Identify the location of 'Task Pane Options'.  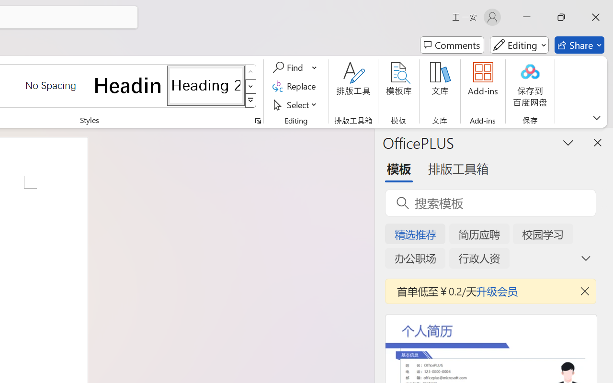
(568, 142).